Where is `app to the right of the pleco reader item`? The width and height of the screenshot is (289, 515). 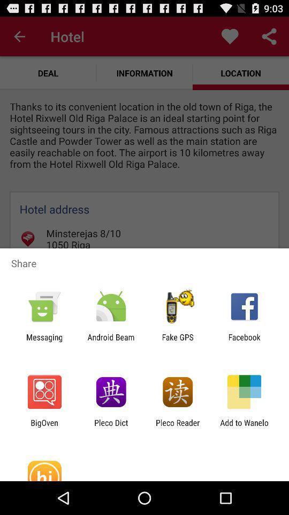 app to the right of the pleco reader item is located at coordinates (244, 427).